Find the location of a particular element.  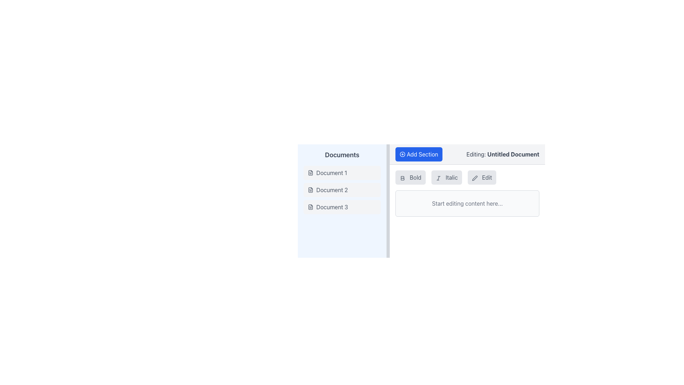

the button that allows users to add a new section to their document, located to the left of 'Editing: Untitled Document' is located at coordinates (419, 154).